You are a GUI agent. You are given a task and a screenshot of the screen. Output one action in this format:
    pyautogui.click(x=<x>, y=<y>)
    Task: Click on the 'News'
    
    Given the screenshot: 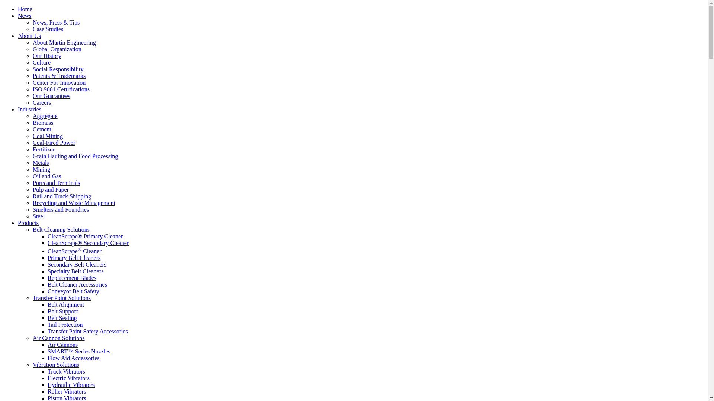 What is the action you would take?
    pyautogui.click(x=25, y=16)
    